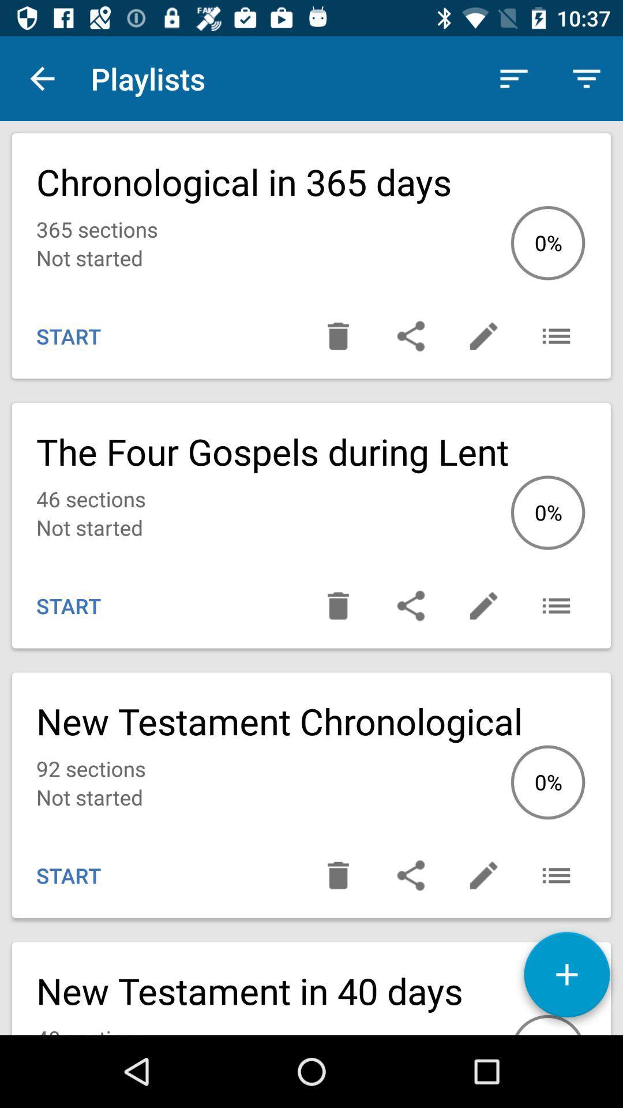 Image resolution: width=623 pixels, height=1108 pixels. Describe the element at coordinates (513, 78) in the screenshot. I see `the app next to the playlists icon` at that location.